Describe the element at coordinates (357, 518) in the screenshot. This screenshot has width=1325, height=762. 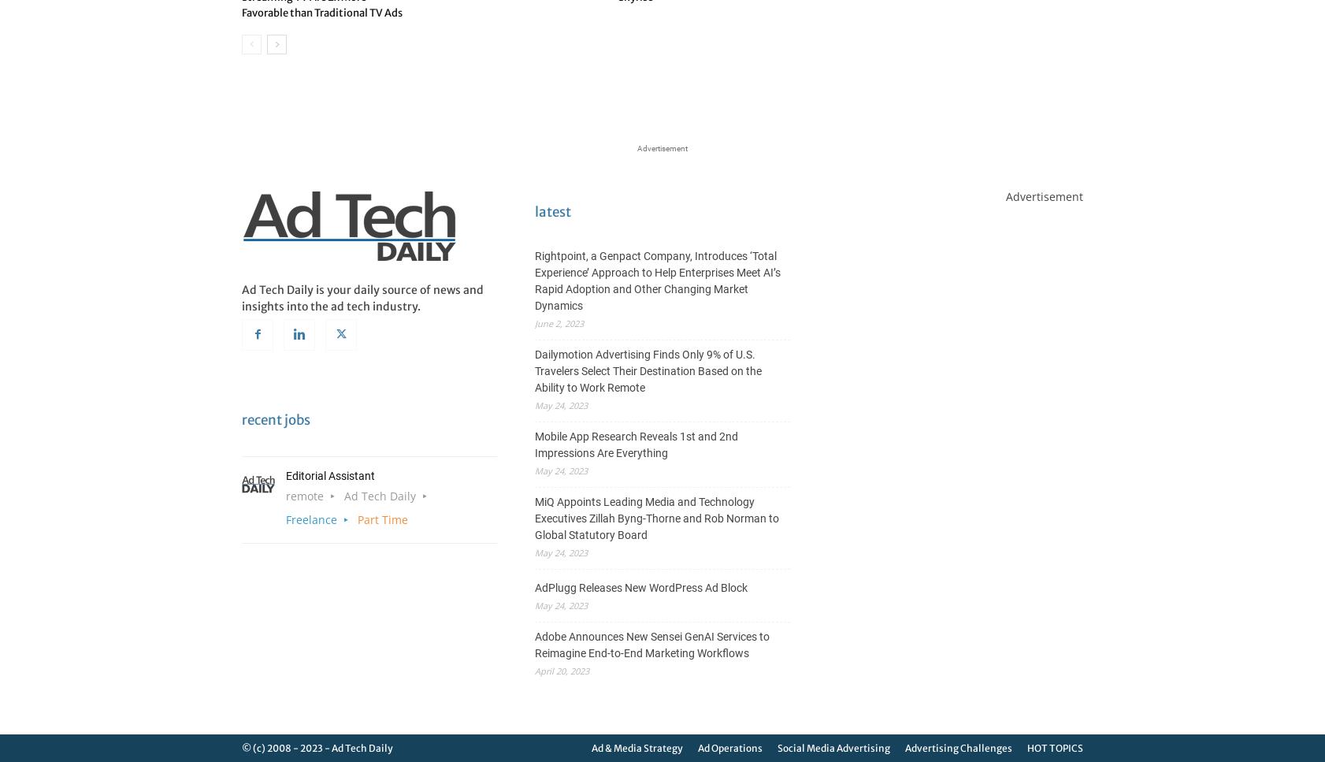
I see `'Part Time'` at that location.